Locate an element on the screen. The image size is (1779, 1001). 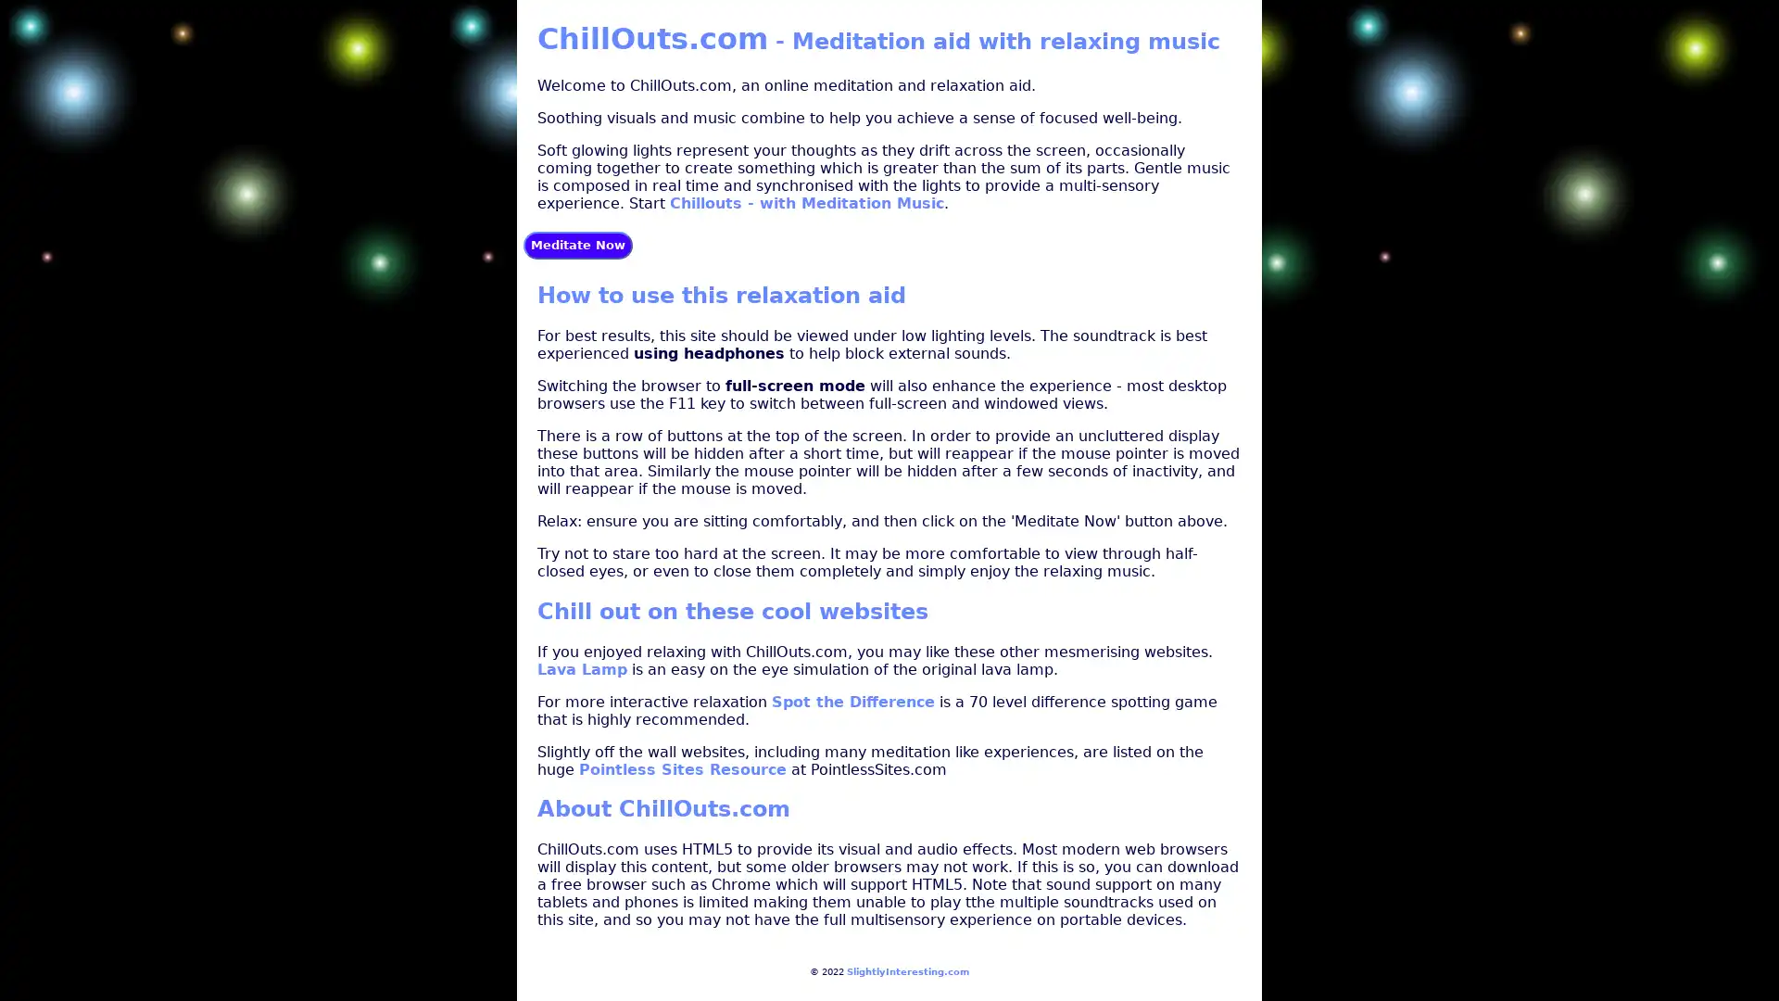
Meditate Now is located at coordinates (577, 243).